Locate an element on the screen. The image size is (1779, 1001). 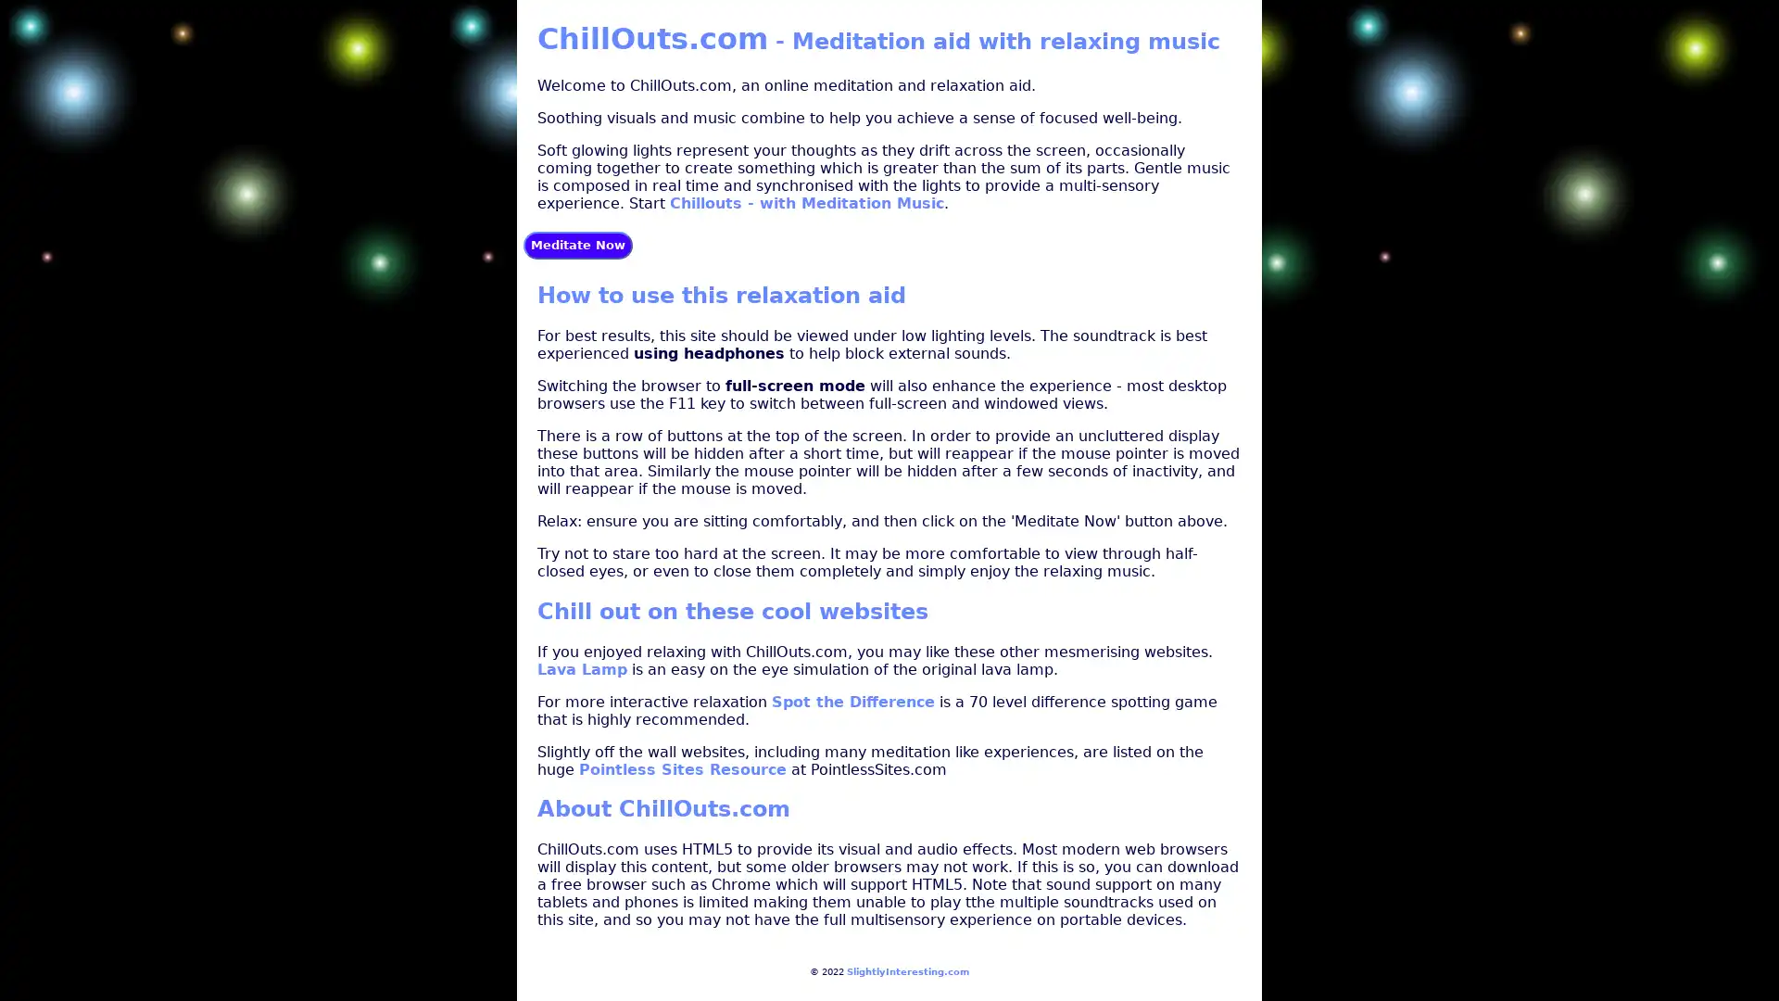
Meditate Now is located at coordinates (577, 243).